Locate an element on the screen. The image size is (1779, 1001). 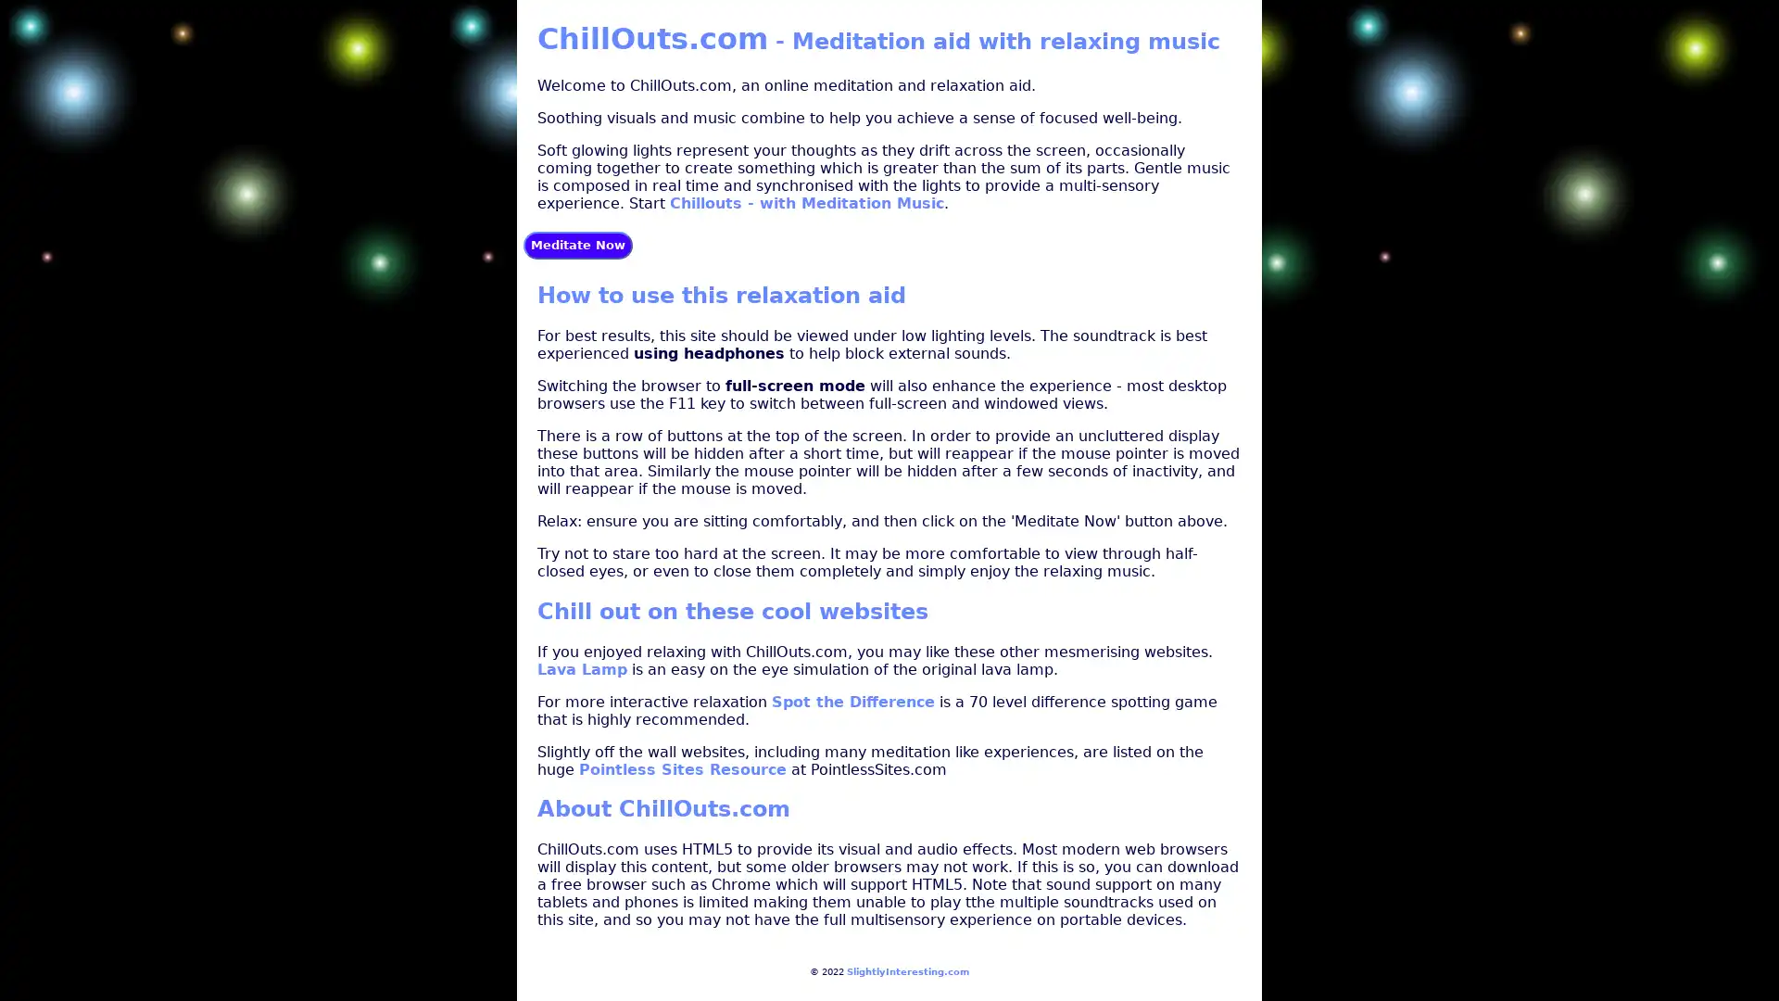
Meditate Now is located at coordinates (577, 243).